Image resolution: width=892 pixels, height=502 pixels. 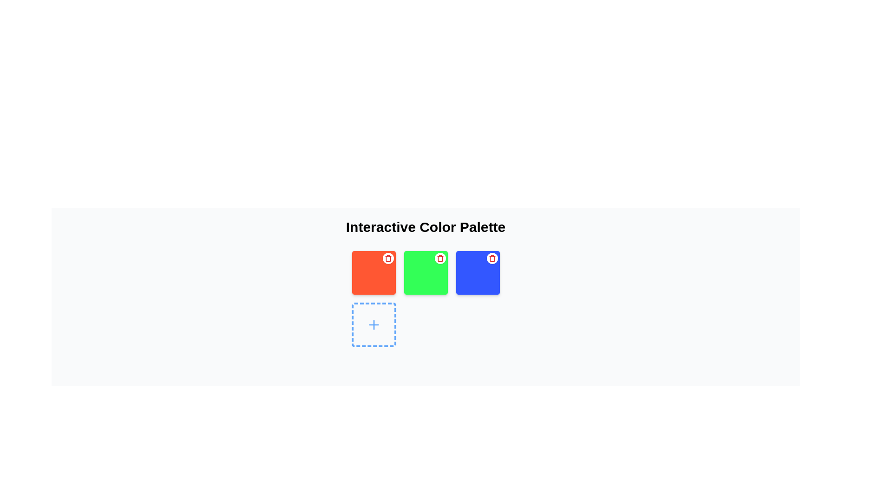 What do you see at coordinates (388, 258) in the screenshot?
I see `the trash can icon with a red border located at the top-right corner of the left-most red square box in a row of three colored boxes to potentially reveal additional information` at bounding box center [388, 258].